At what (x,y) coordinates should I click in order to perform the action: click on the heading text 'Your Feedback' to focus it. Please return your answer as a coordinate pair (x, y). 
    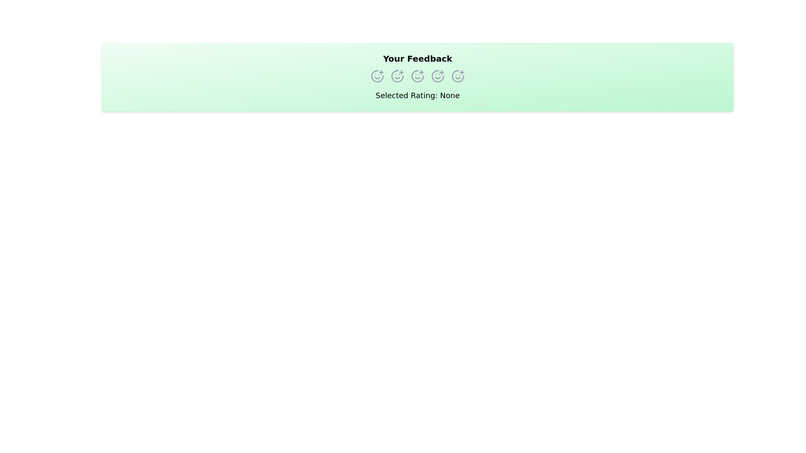
    Looking at the image, I should click on (417, 58).